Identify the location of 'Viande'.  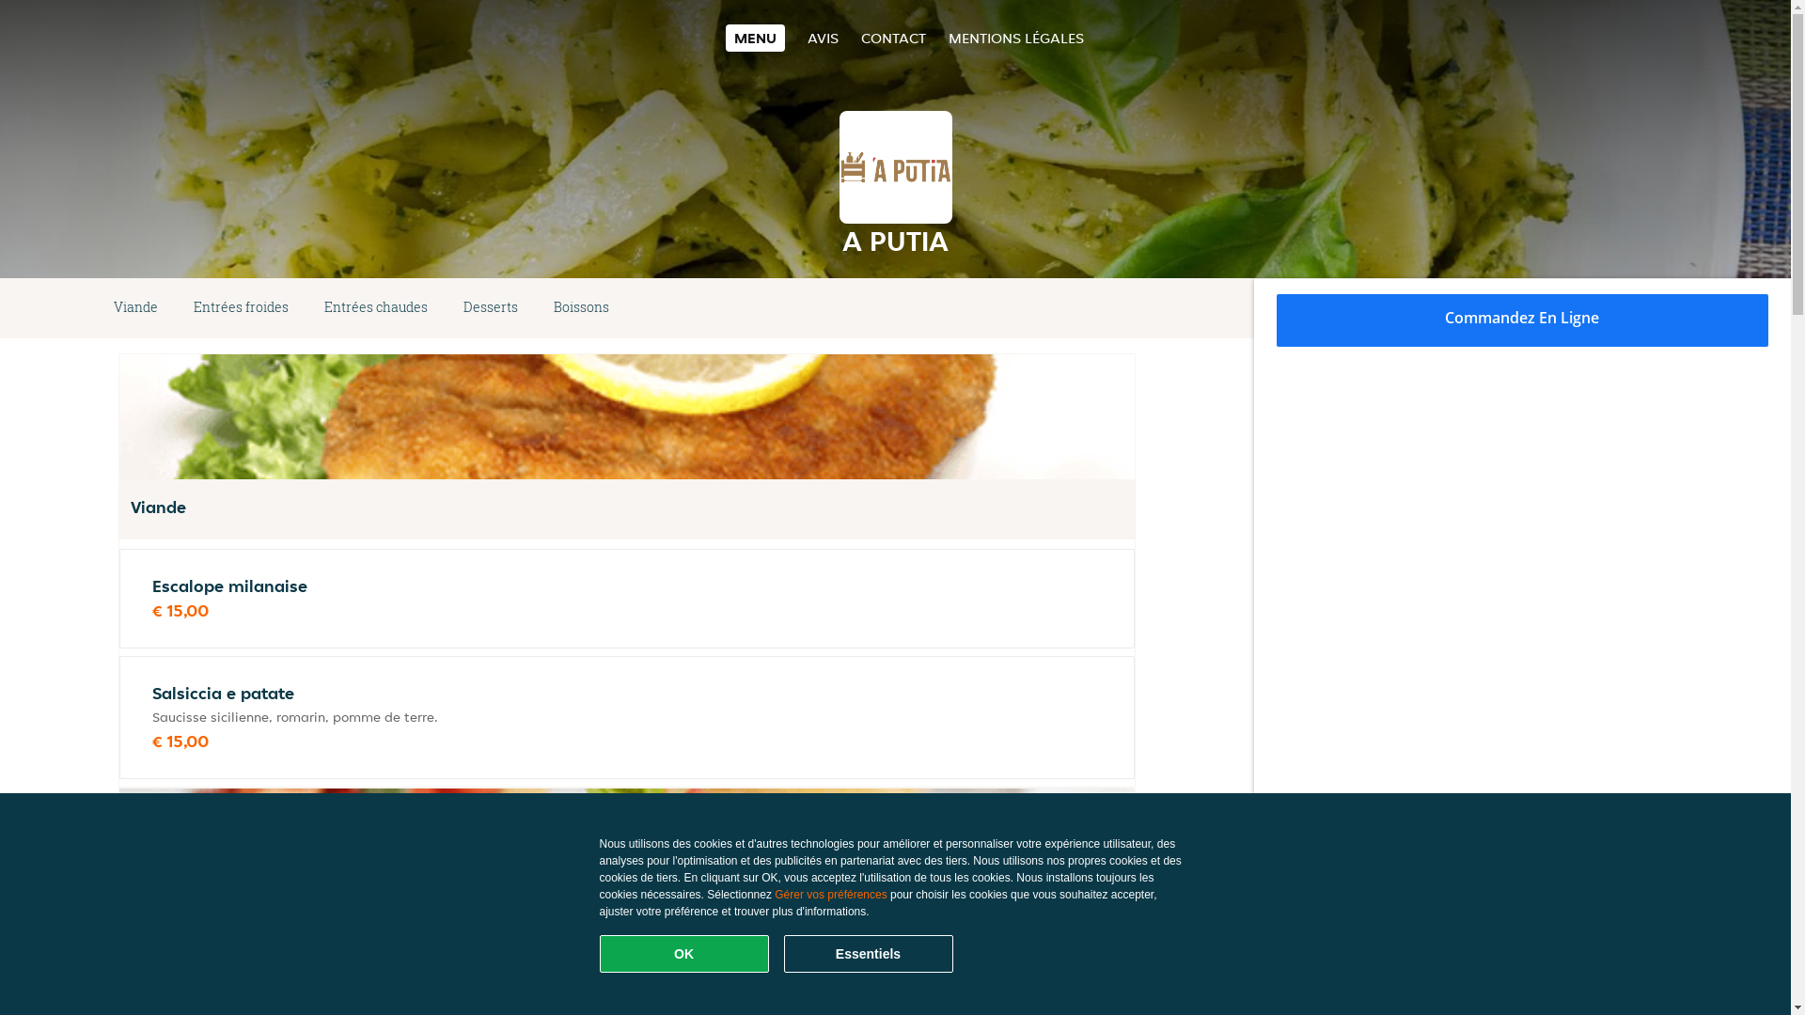
(94, 306).